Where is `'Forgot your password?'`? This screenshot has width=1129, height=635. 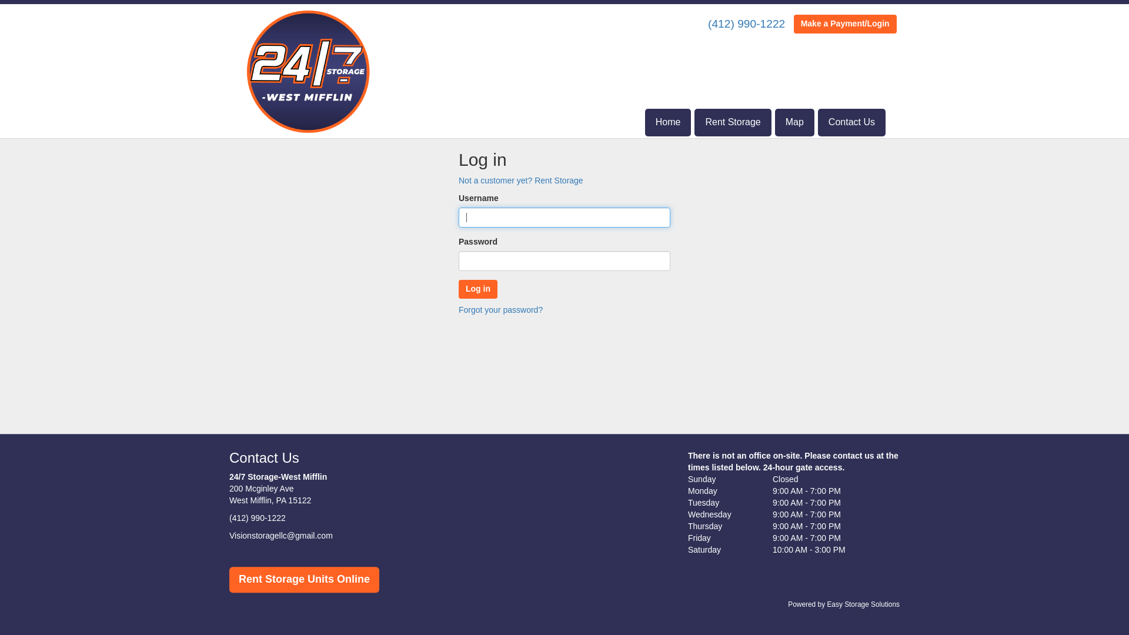
'Forgot your password?' is located at coordinates (500, 309).